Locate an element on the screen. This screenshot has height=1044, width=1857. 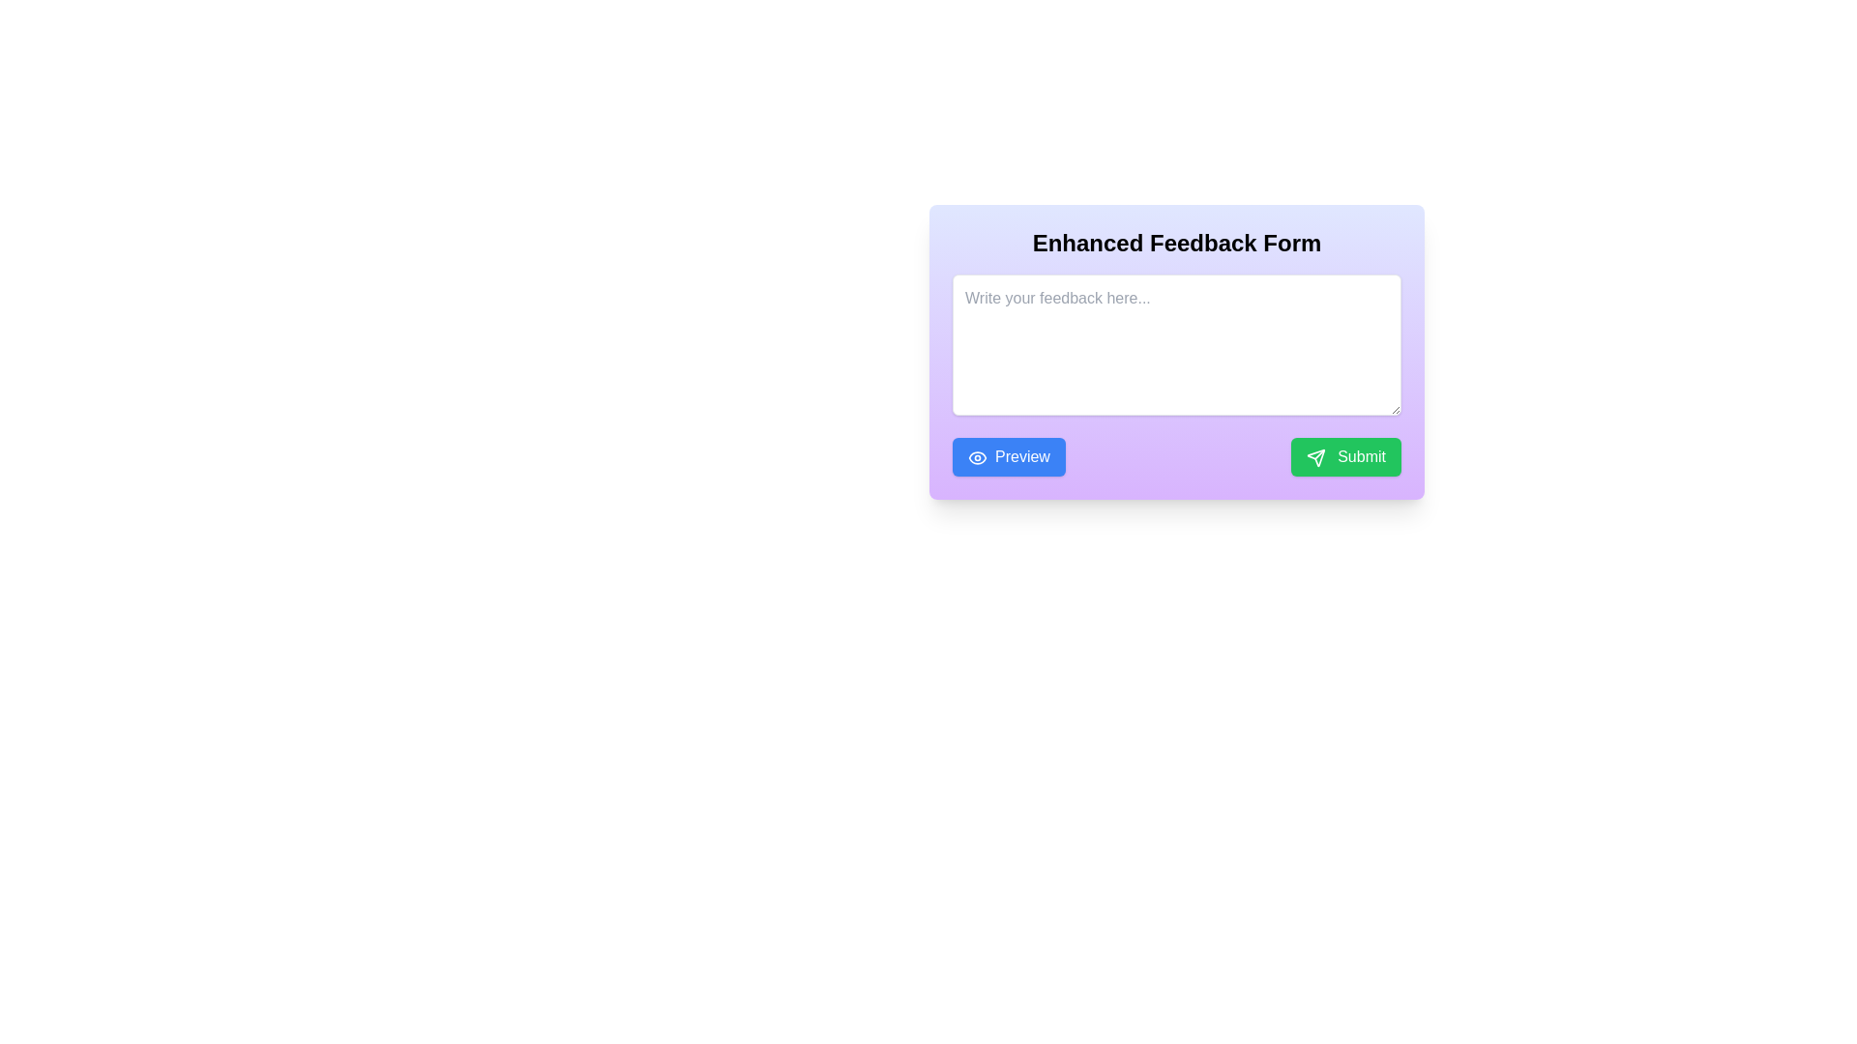
the green 'Submit' button with rounded corners and a white paper plane icon is located at coordinates (1344, 457).